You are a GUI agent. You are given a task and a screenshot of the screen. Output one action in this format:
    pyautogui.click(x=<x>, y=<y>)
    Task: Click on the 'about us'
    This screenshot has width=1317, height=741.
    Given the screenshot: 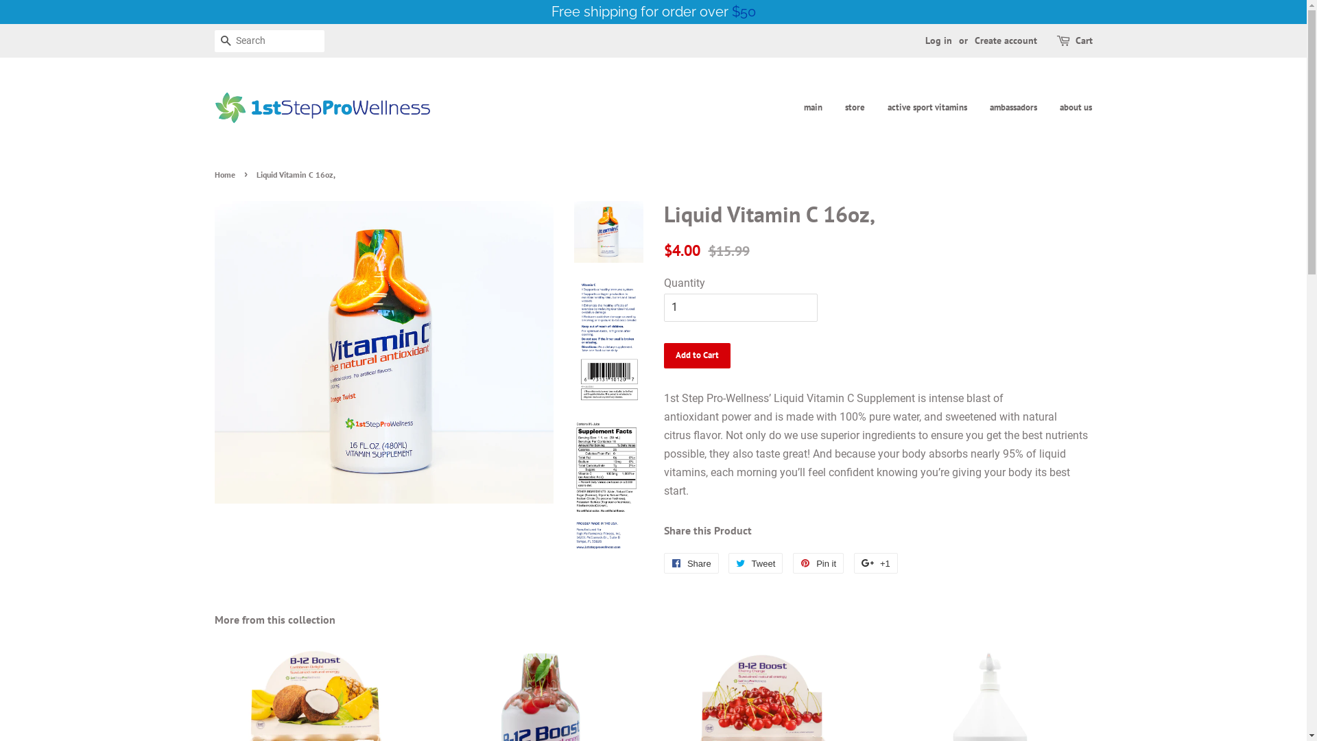 What is the action you would take?
    pyautogui.click(x=1049, y=107)
    